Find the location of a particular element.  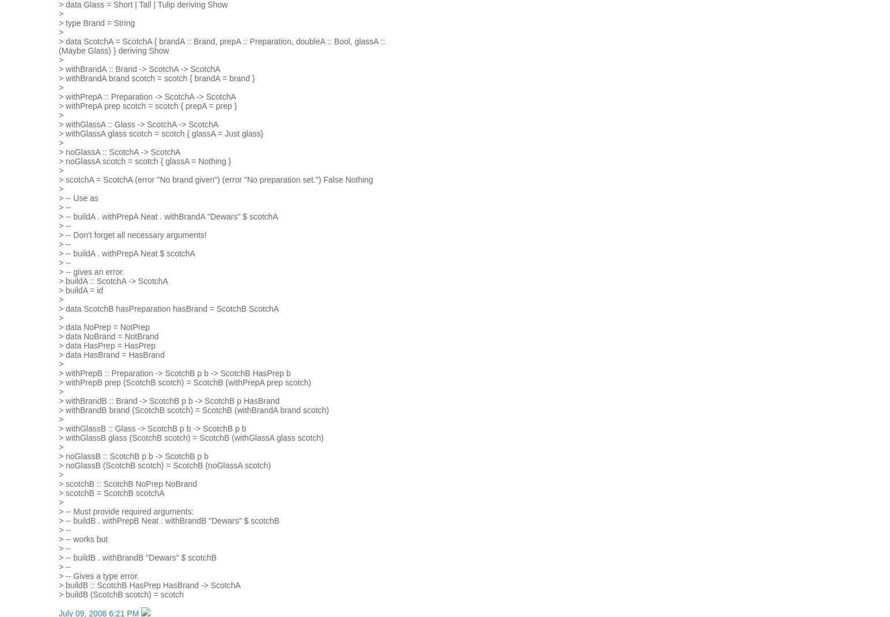

'> buildB :: ScotchB HasPrep HasBrand -> ScotchA' is located at coordinates (149, 585).